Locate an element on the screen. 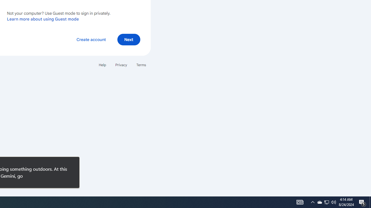 The height and width of the screenshot is (208, 371). 'Privacy' is located at coordinates (121, 65).